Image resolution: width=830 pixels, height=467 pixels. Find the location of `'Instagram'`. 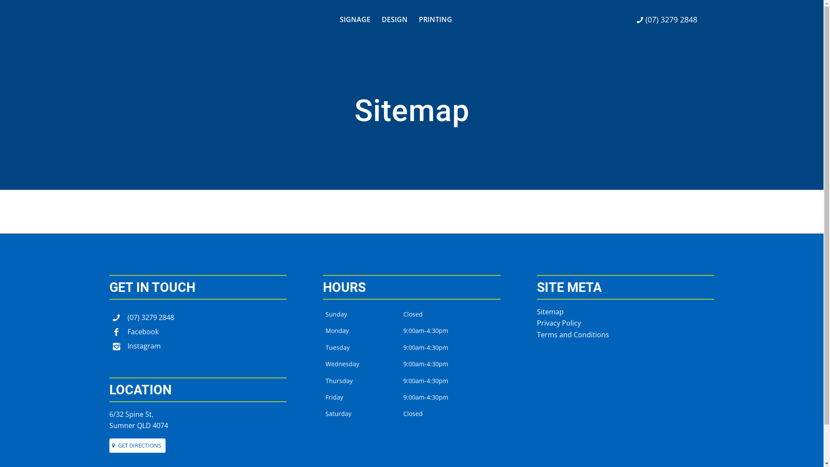

'Instagram' is located at coordinates (144, 345).